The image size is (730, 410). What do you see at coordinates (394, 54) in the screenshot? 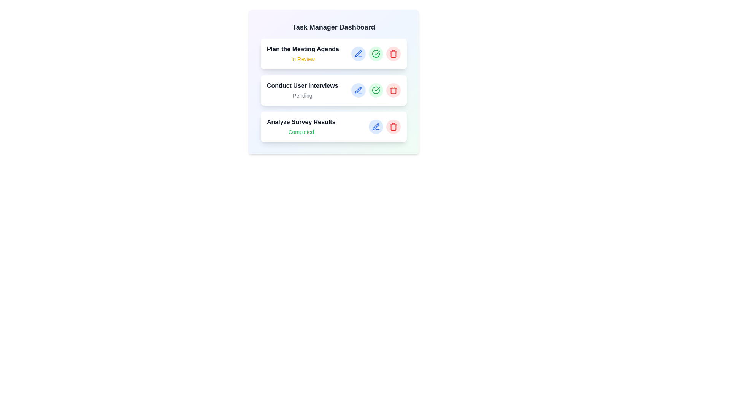
I see `delete button for the task 'Plan the Meeting Agenda'` at bounding box center [394, 54].